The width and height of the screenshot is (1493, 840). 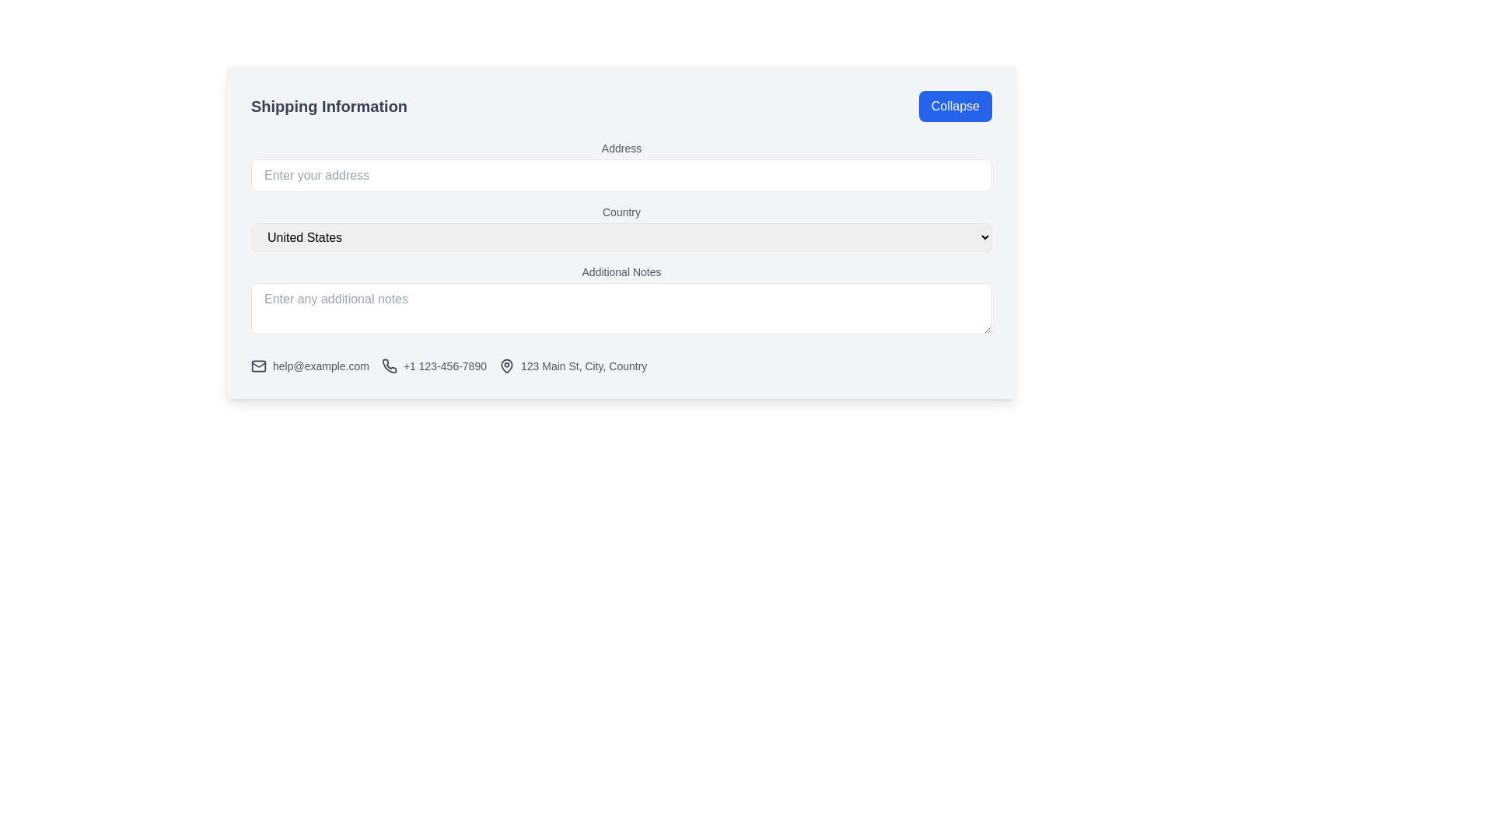 I want to click on the label that indicates the expected data for the adjacent input field, which is located above the input field with the placeholder 'Enter your address', so click(x=621, y=149).